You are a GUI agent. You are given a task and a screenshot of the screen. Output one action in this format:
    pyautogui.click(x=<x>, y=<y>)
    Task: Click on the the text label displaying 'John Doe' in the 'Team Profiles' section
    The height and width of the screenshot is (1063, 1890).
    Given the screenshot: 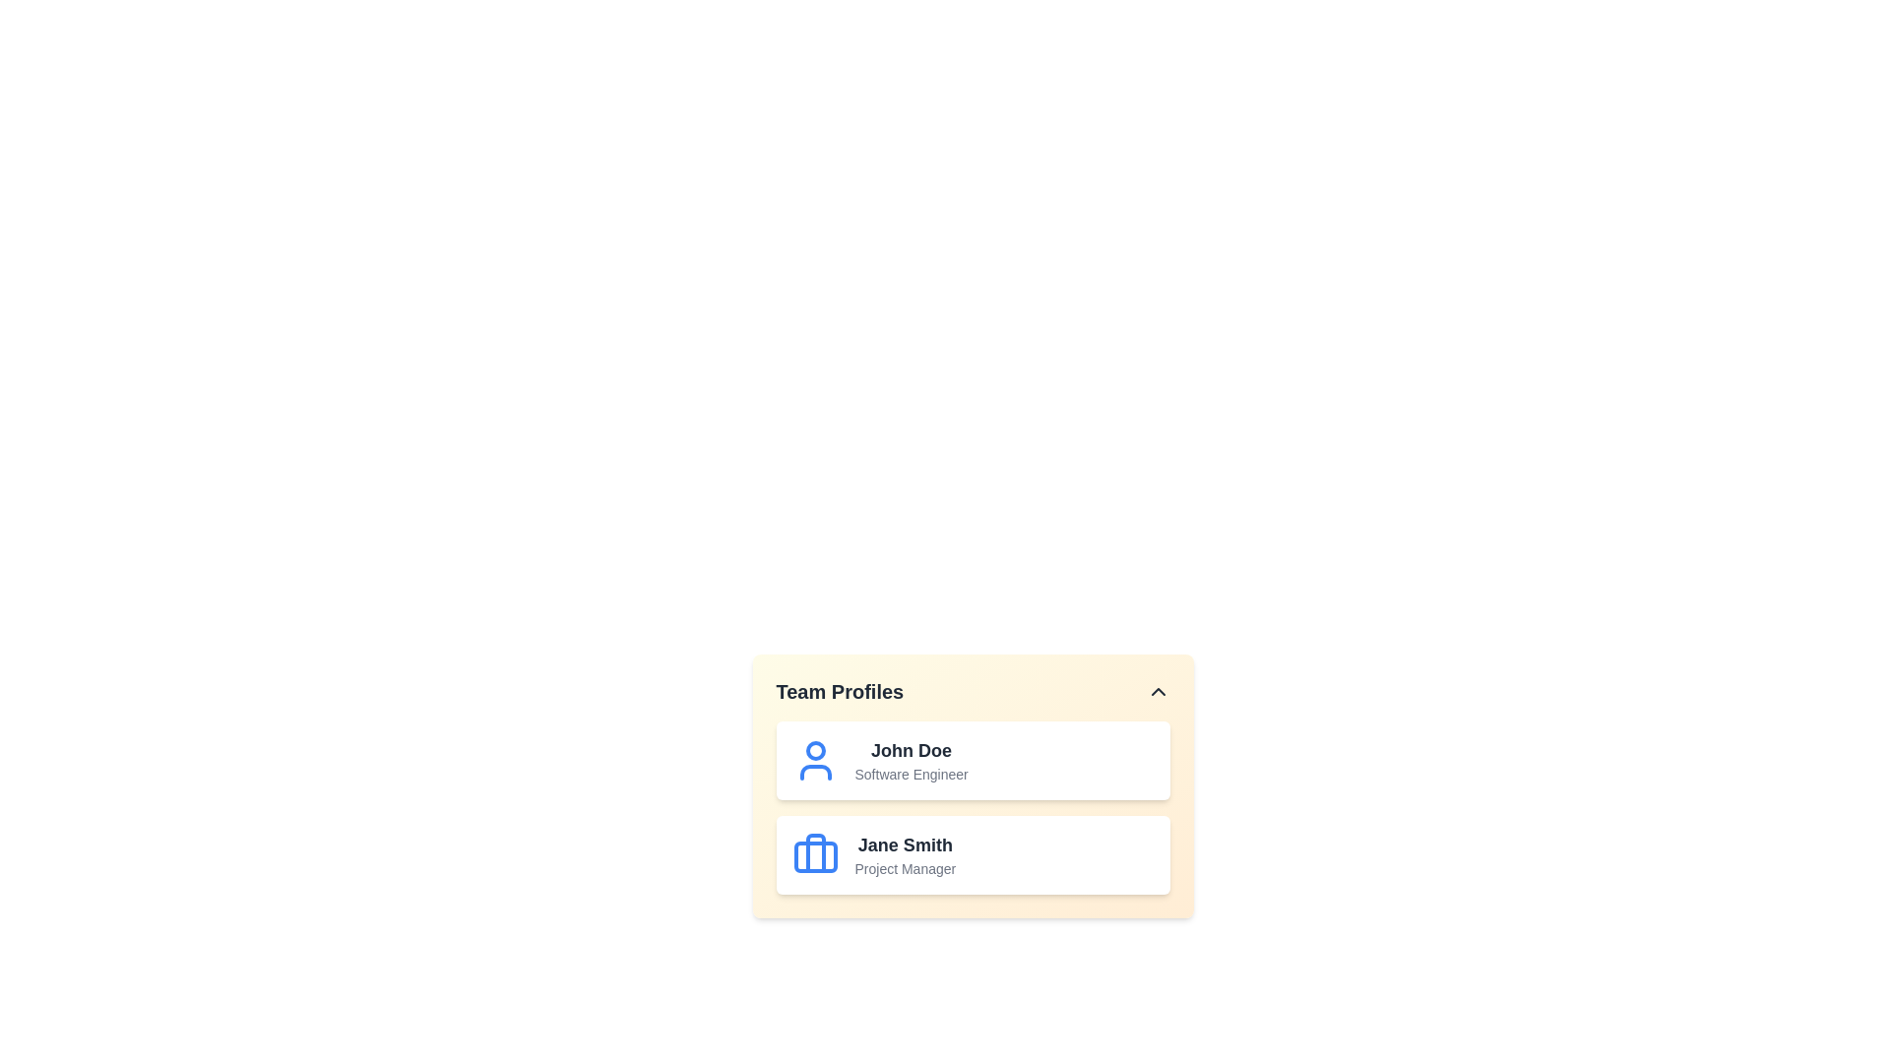 What is the action you would take?
    pyautogui.click(x=911, y=751)
    